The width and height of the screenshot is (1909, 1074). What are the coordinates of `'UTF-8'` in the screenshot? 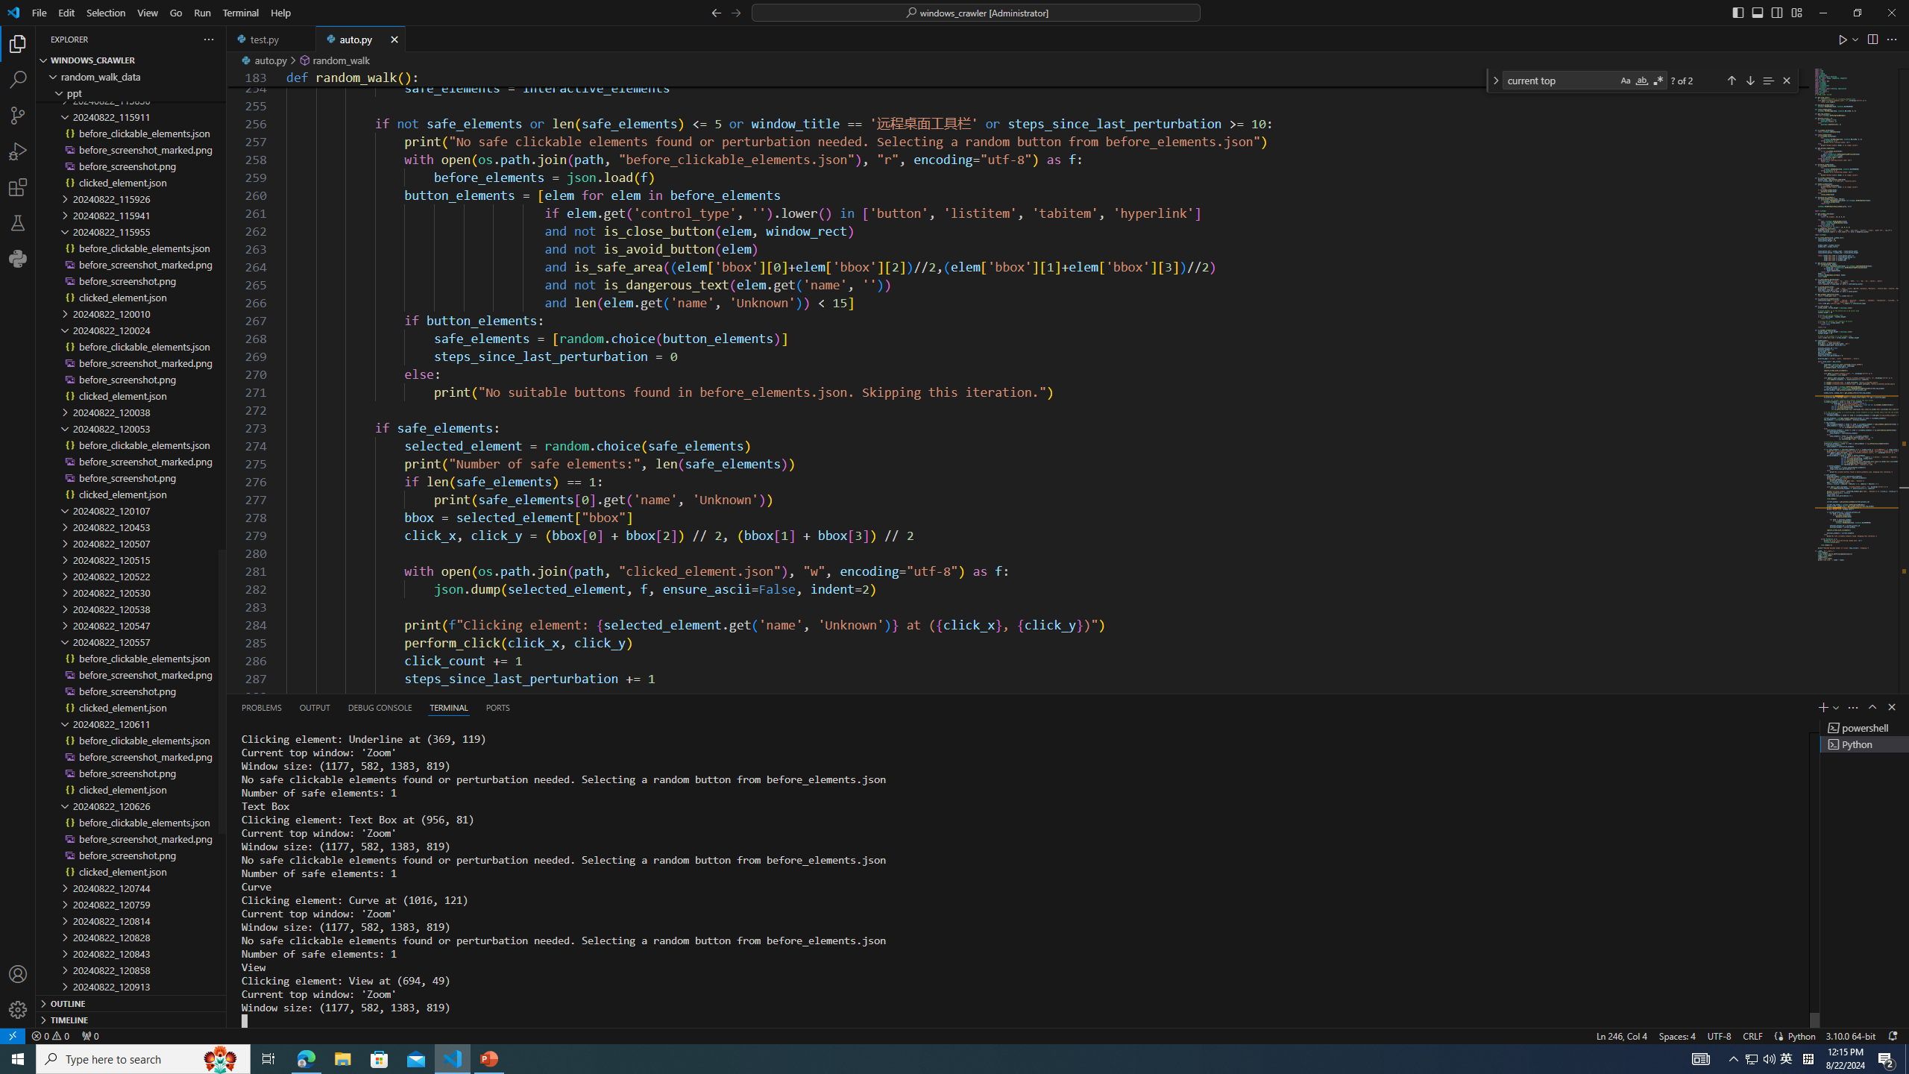 It's located at (1718, 1034).